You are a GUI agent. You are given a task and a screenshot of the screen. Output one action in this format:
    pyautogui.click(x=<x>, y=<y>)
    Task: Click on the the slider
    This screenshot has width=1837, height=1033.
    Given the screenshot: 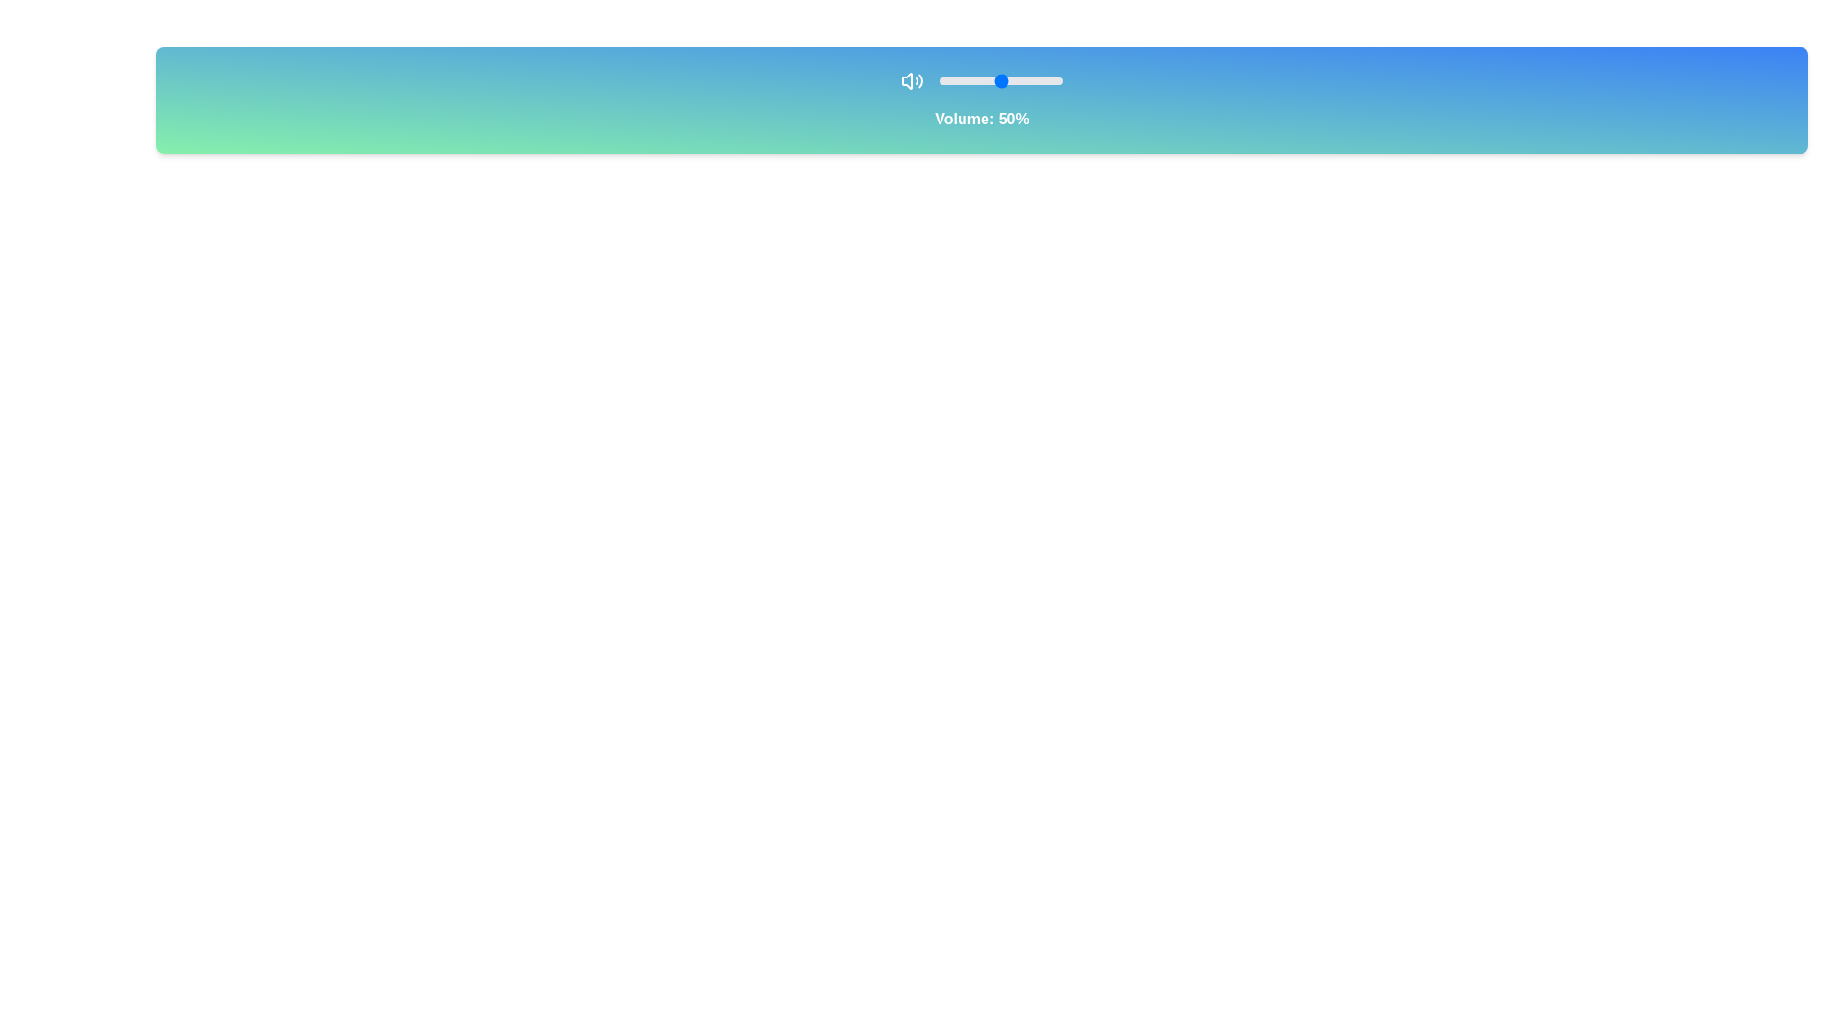 What is the action you would take?
    pyautogui.click(x=1025, y=79)
    